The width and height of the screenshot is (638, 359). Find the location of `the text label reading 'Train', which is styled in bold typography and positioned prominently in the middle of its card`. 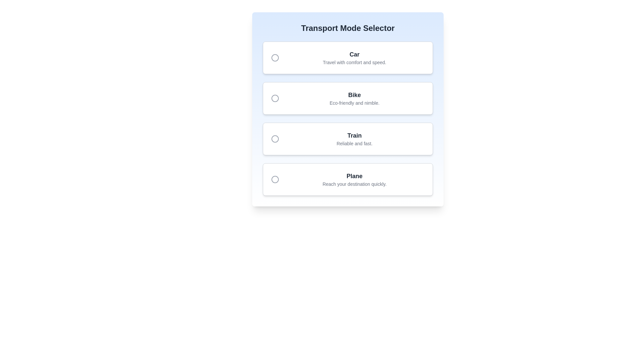

the text label reading 'Train', which is styled in bold typography and positioned prominently in the middle of its card is located at coordinates (354, 135).